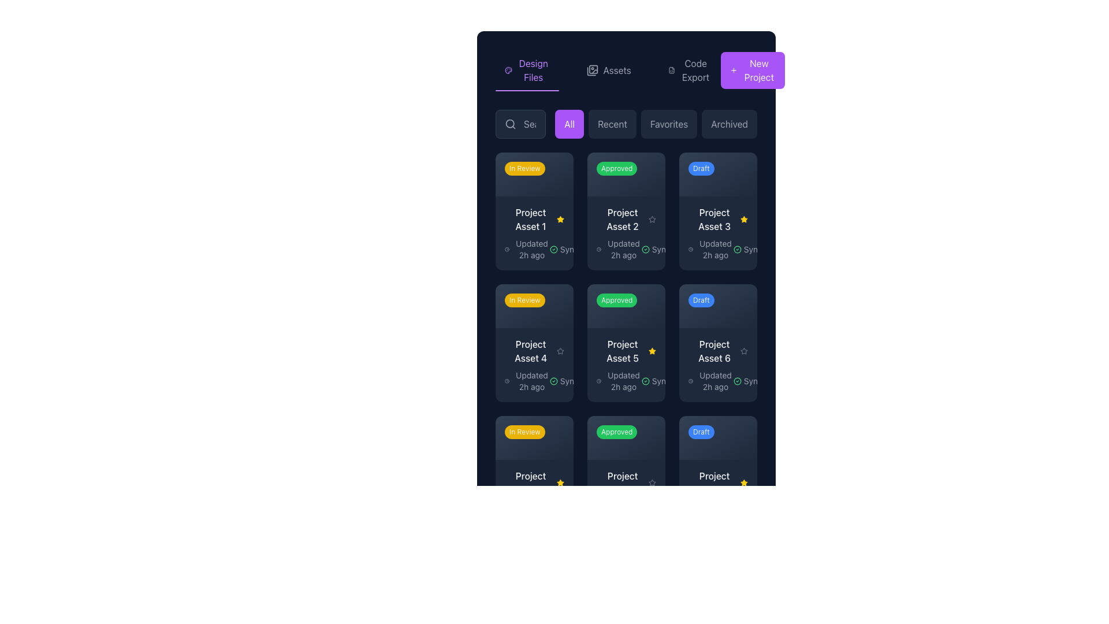 This screenshot has width=1109, height=624. What do you see at coordinates (534, 248) in the screenshot?
I see `the text label stating 'Updated 2h ago Synced' located within the card for 'Project Asset 1' by moving the cursor to its center` at bounding box center [534, 248].